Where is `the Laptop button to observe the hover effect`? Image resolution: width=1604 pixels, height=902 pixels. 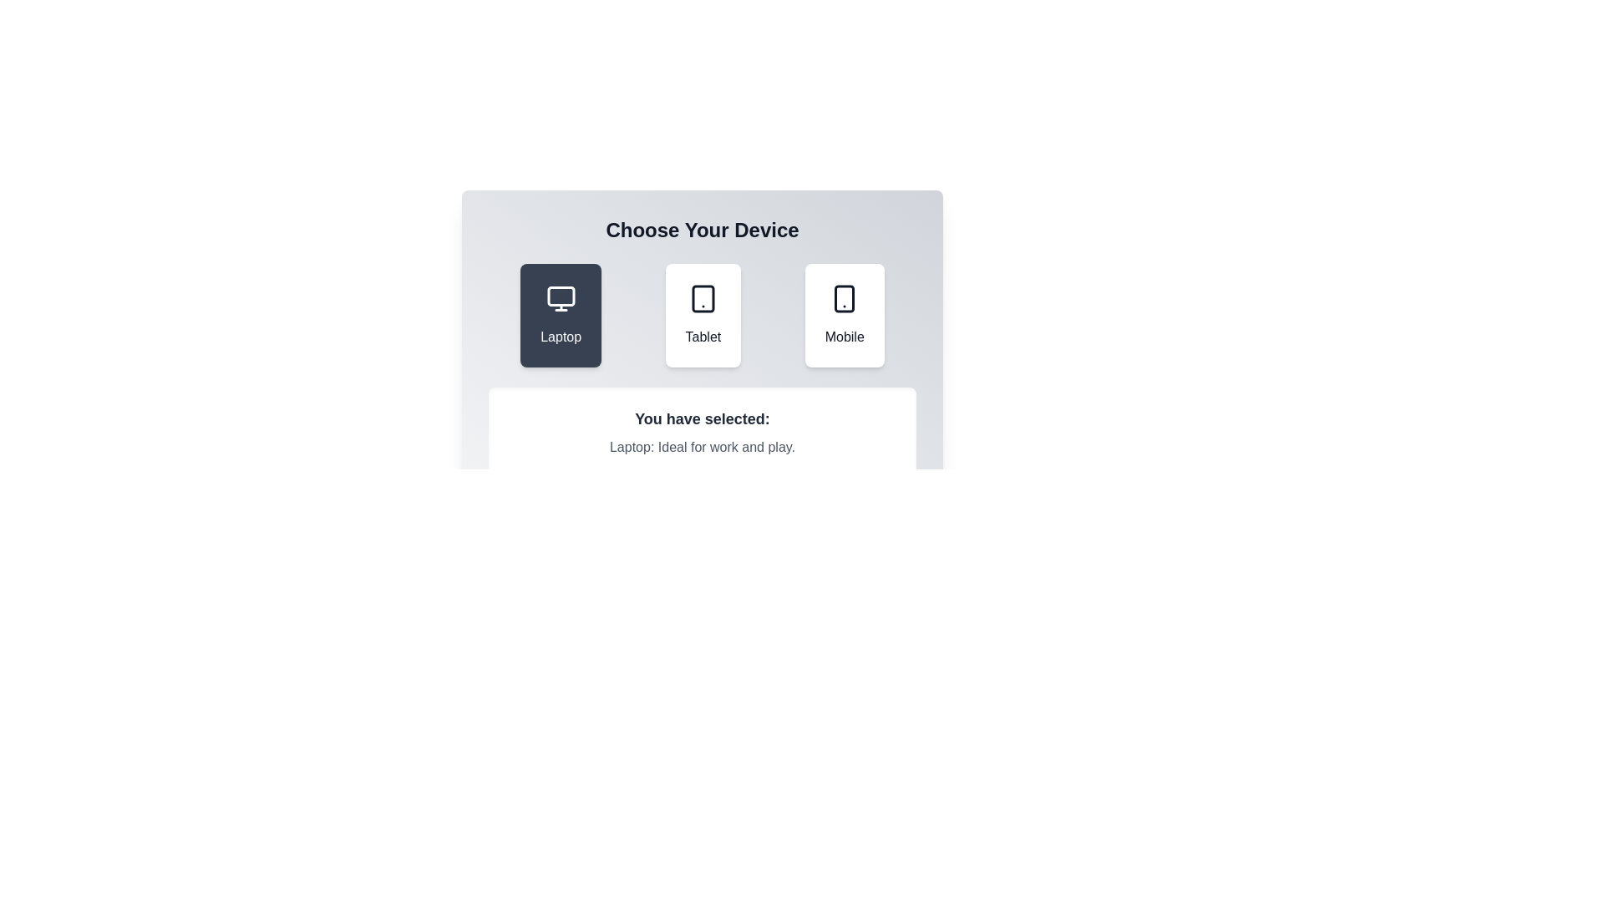 the Laptop button to observe the hover effect is located at coordinates (561, 316).